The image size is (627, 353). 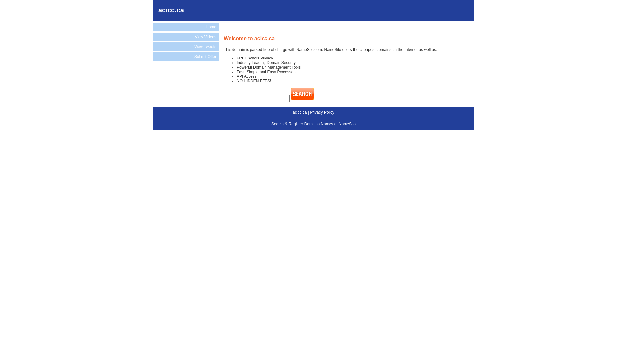 I want to click on 'View Videos', so click(x=186, y=37).